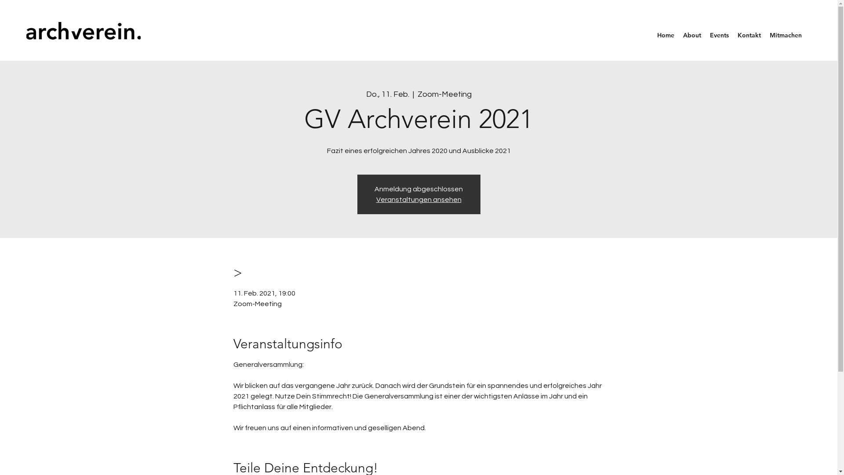 The image size is (844, 475). What do you see at coordinates (418, 200) in the screenshot?
I see `'Veranstaltungen ansehen'` at bounding box center [418, 200].